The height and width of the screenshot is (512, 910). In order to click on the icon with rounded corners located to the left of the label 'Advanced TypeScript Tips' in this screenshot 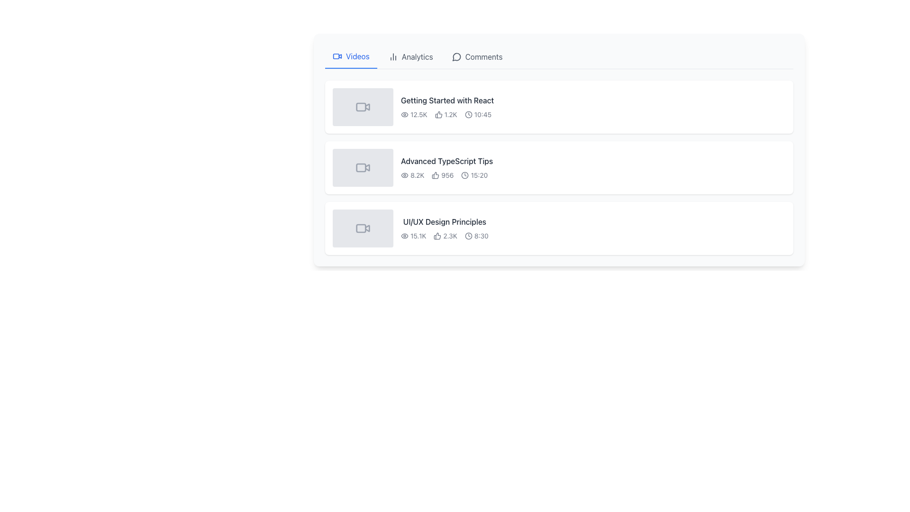, I will do `click(361, 167)`.